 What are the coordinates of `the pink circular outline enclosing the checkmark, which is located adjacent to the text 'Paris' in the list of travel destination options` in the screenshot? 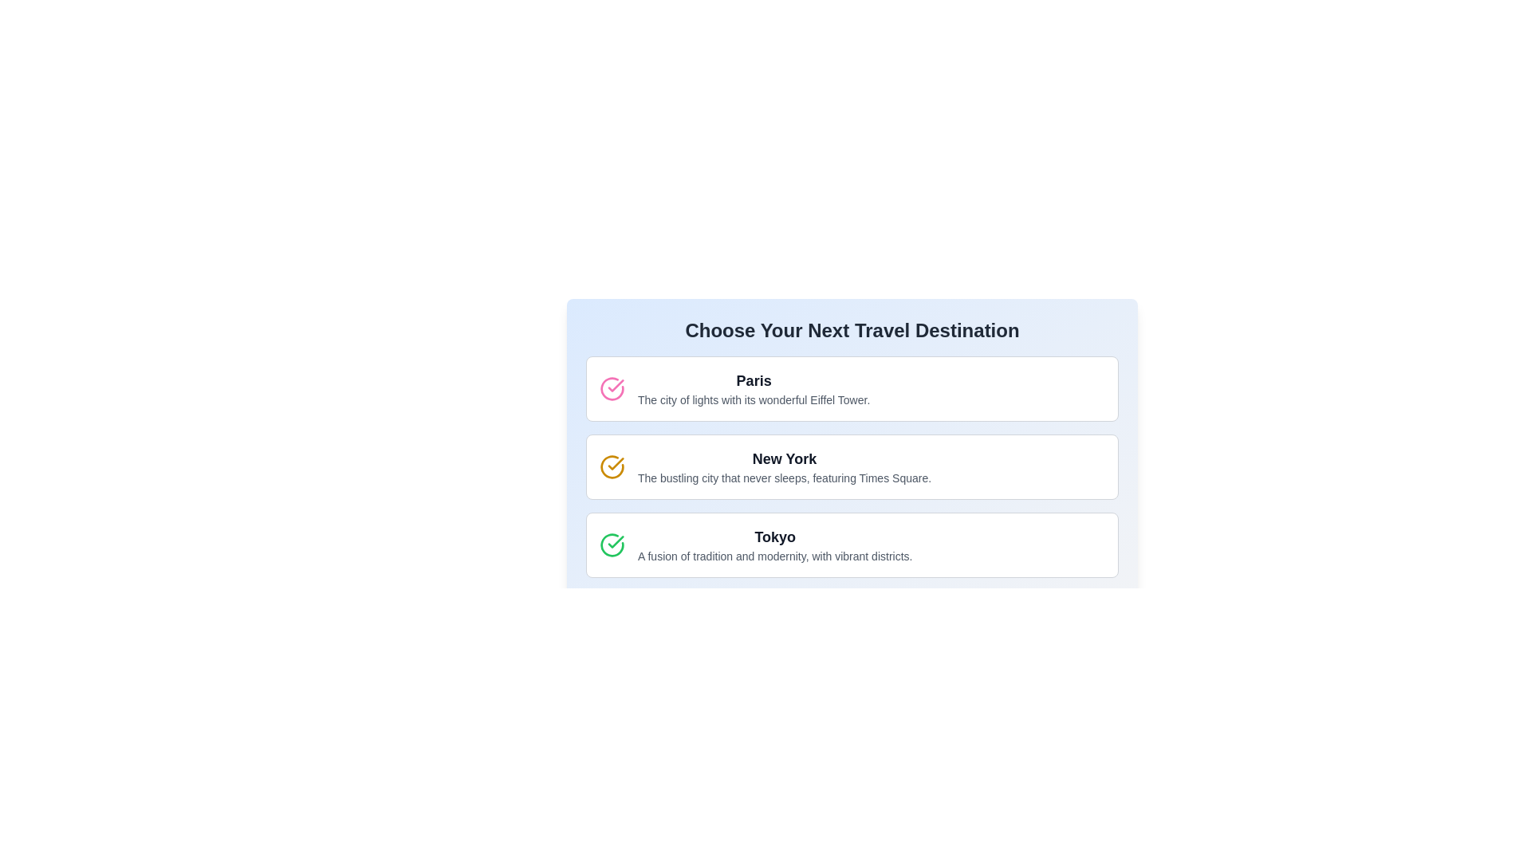 It's located at (612, 389).